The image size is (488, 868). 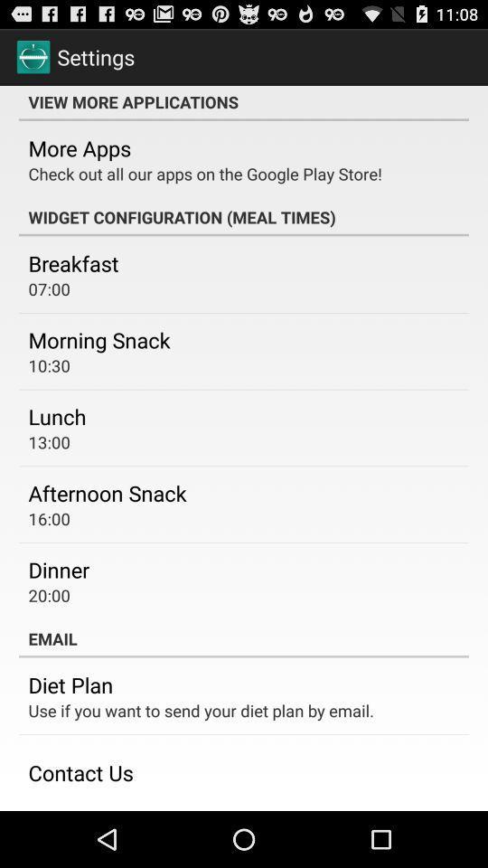 What do you see at coordinates (99, 338) in the screenshot?
I see `app above 10:30 item` at bounding box center [99, 338].